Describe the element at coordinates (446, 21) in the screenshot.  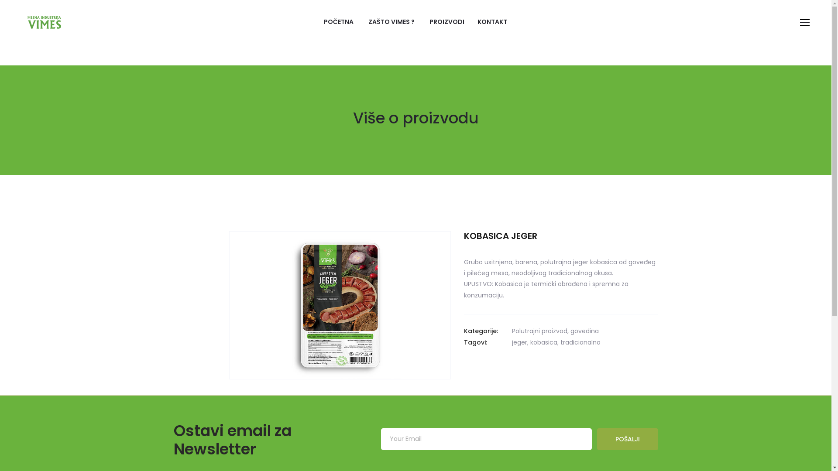
I see `'PROIZVODI'` at that location.